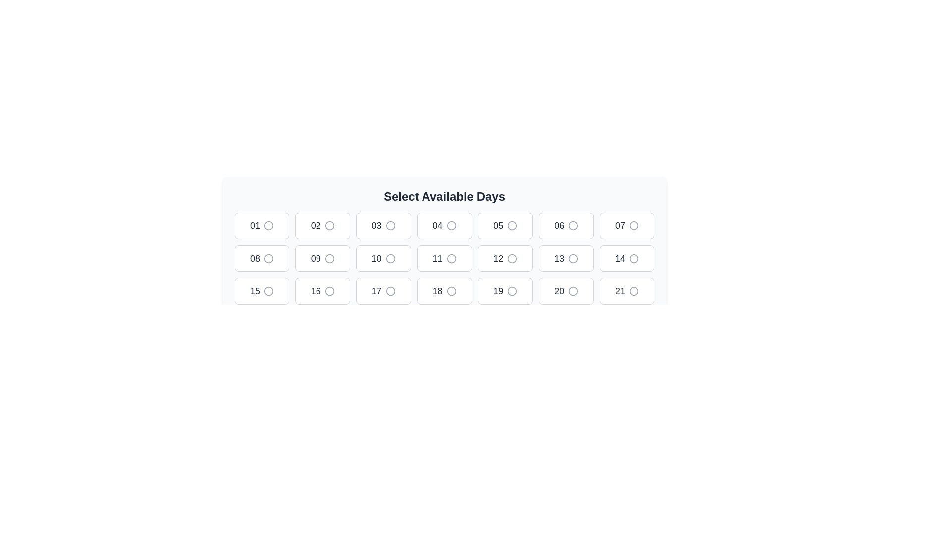  Describe the element at coordinates (329, 225) in the screenshot. I see `the circular selectable indicator located next to the label '02' in the first row of the grid layout to inspect details` at that location.